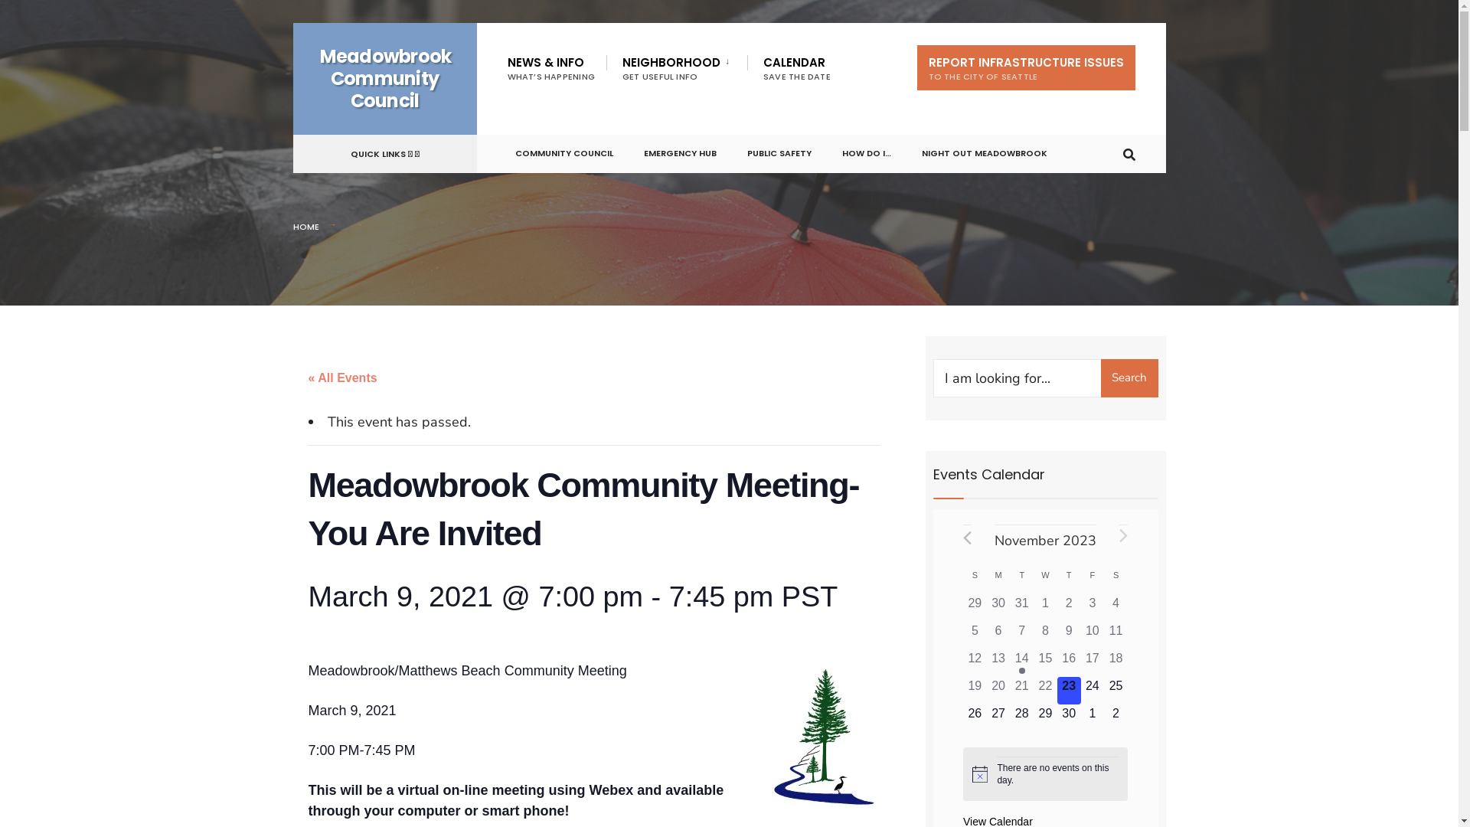 The height and width of the screenshot is (827, 1470). Describe the element at coordinates (1092, 691) in the screenshot. I see `'0 events,` at that location.